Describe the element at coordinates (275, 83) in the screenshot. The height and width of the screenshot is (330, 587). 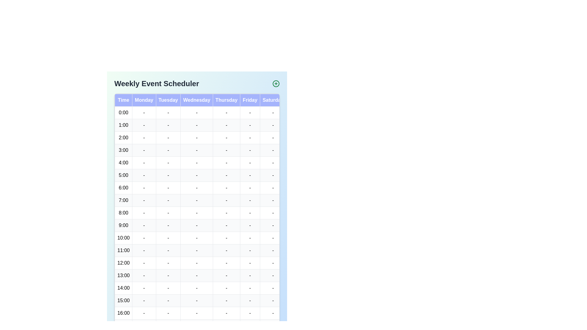
I see `the 'Add Event' button in the header` at that location.